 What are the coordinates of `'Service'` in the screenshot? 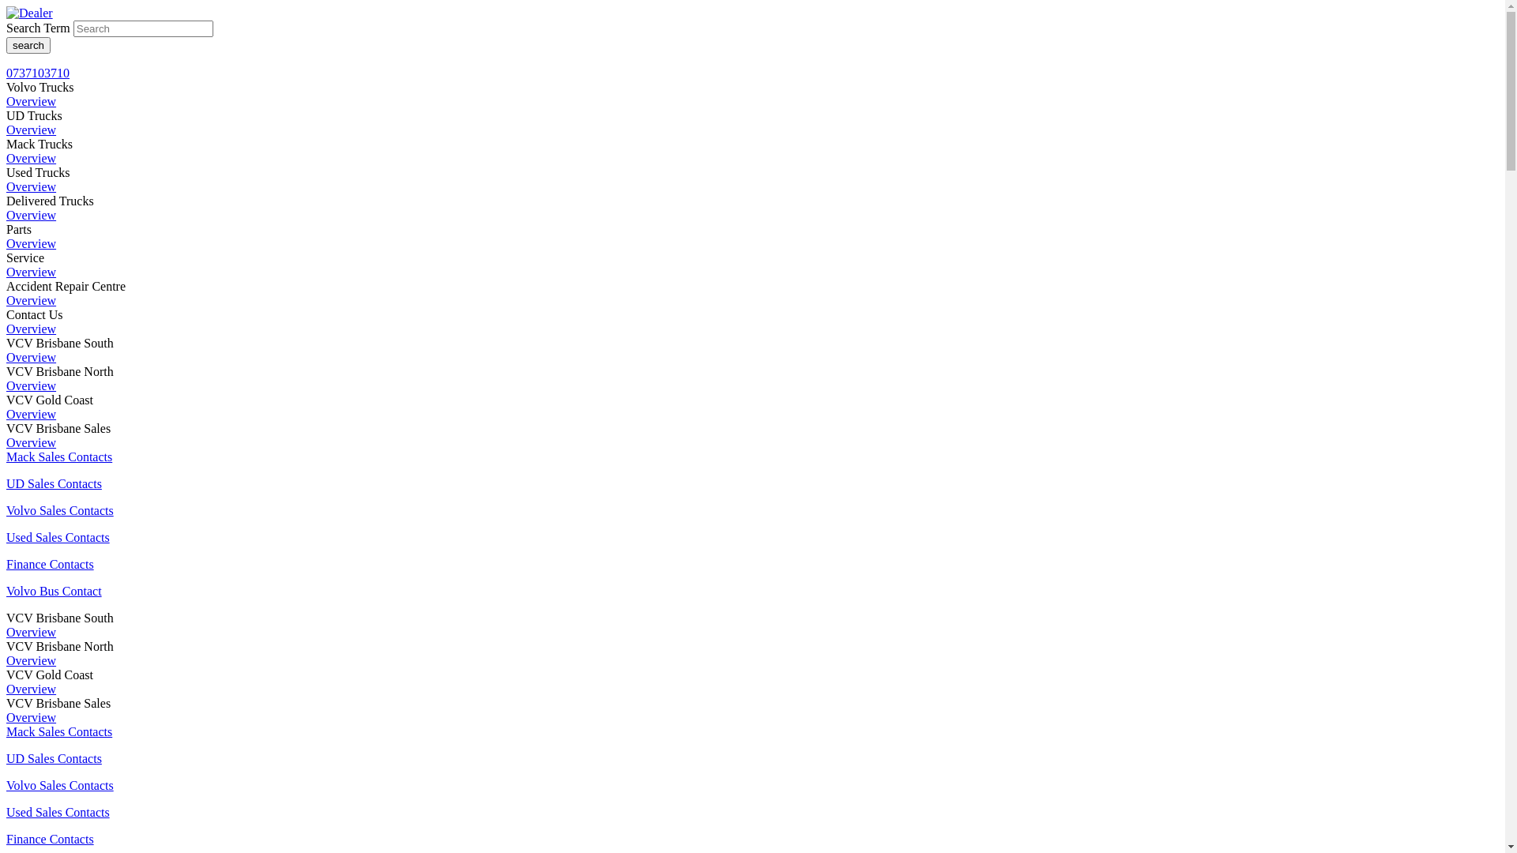 It's located at (25, 257).